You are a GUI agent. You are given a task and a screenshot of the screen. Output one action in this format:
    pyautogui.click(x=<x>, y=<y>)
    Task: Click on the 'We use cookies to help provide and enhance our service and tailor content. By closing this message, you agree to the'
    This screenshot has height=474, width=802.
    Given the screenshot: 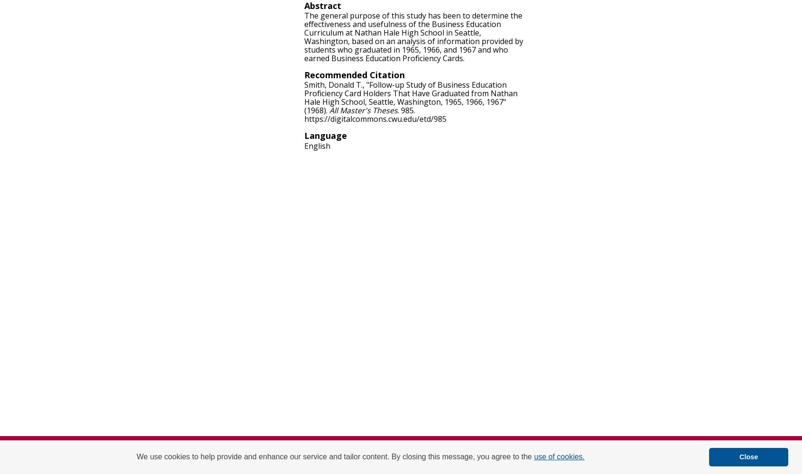 What is the action you would take?
    pyautogui.click(x=334, y=456)
    